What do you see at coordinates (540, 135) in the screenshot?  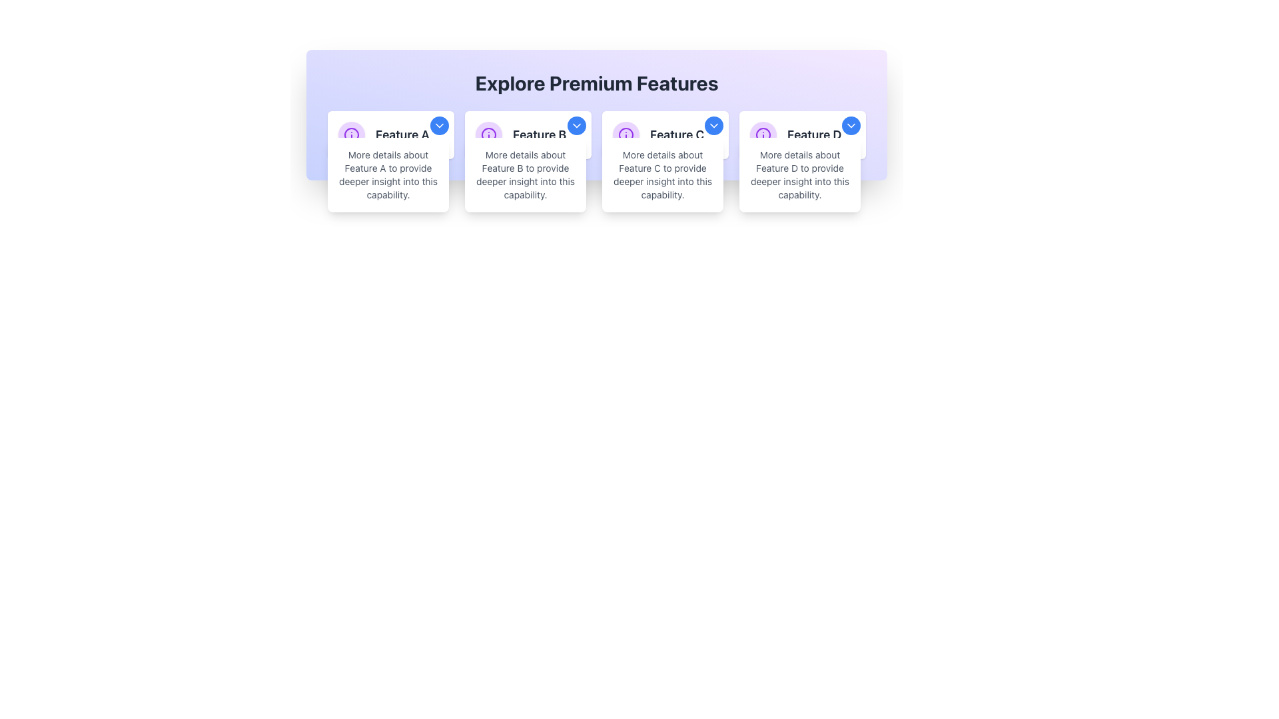 I see `the text label 'Feature B', which serves as a header for the feature description card, positioned in the middle of a horizontally aligned list of features under 'Explore Premium Features'` at bounding box center [540, 135].